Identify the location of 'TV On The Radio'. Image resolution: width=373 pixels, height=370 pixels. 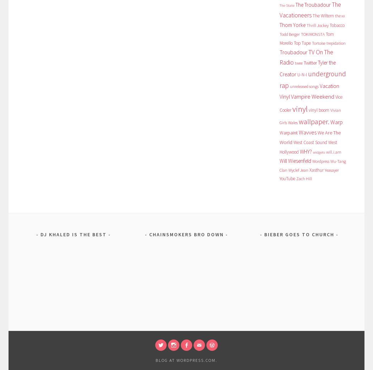
(306, 57).